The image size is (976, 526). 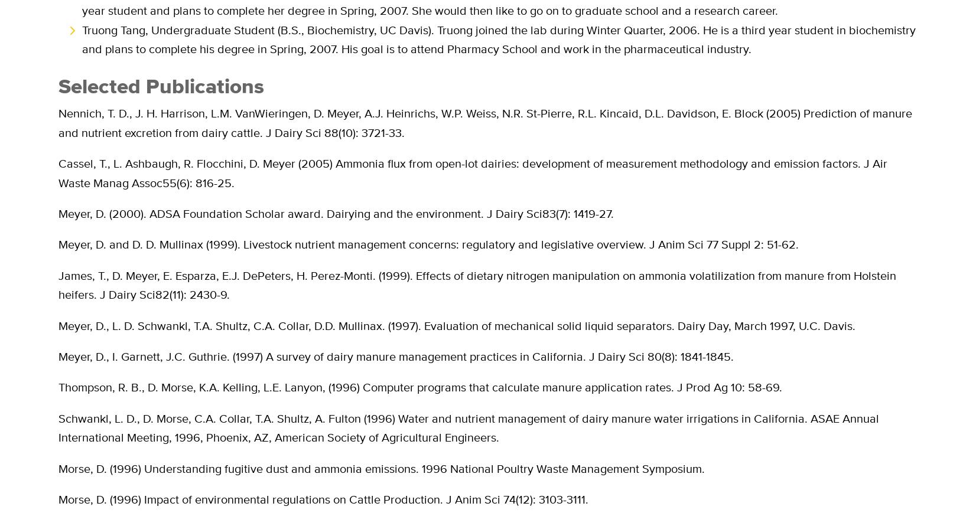 I want to click on 'Nennich, T. D., J. H. Harrison, L.M. VanWieringen, D. Meyer, A.J. Heinrichs, W.P. Weiss, N.R. St-Pierre, R.L. Kincaid, D.L. Davidson, E. Block (2005) Prediction of manure and nutrient excretion from dairy cattle. J Dairy Sci 88(10): 3721-33.', so click(x=485, y=122).